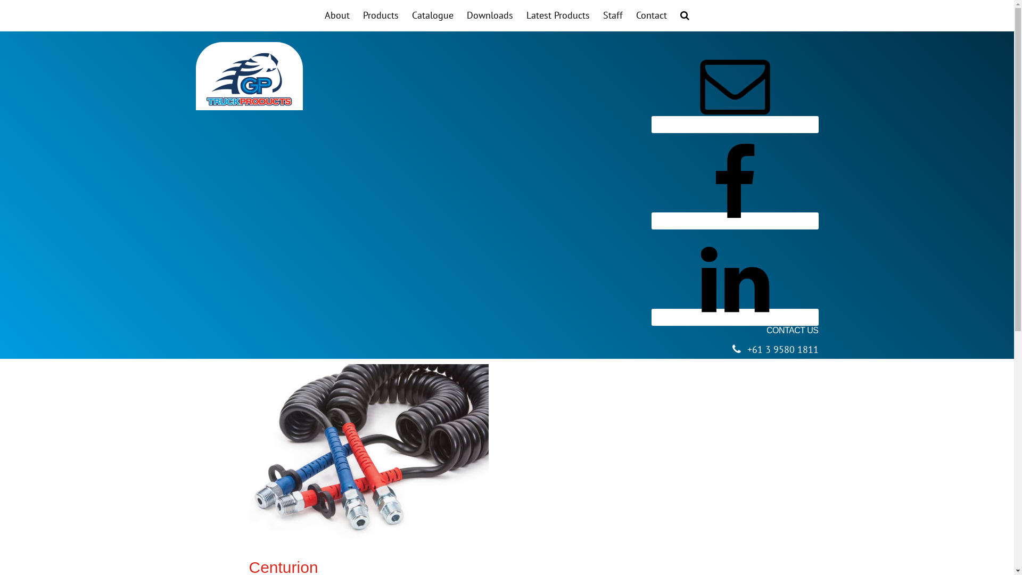 This screenshot has width=1022, height=575. Describe the element at coordinates (685, 15) in the screenshot. I see `'Show Search'` at that location.